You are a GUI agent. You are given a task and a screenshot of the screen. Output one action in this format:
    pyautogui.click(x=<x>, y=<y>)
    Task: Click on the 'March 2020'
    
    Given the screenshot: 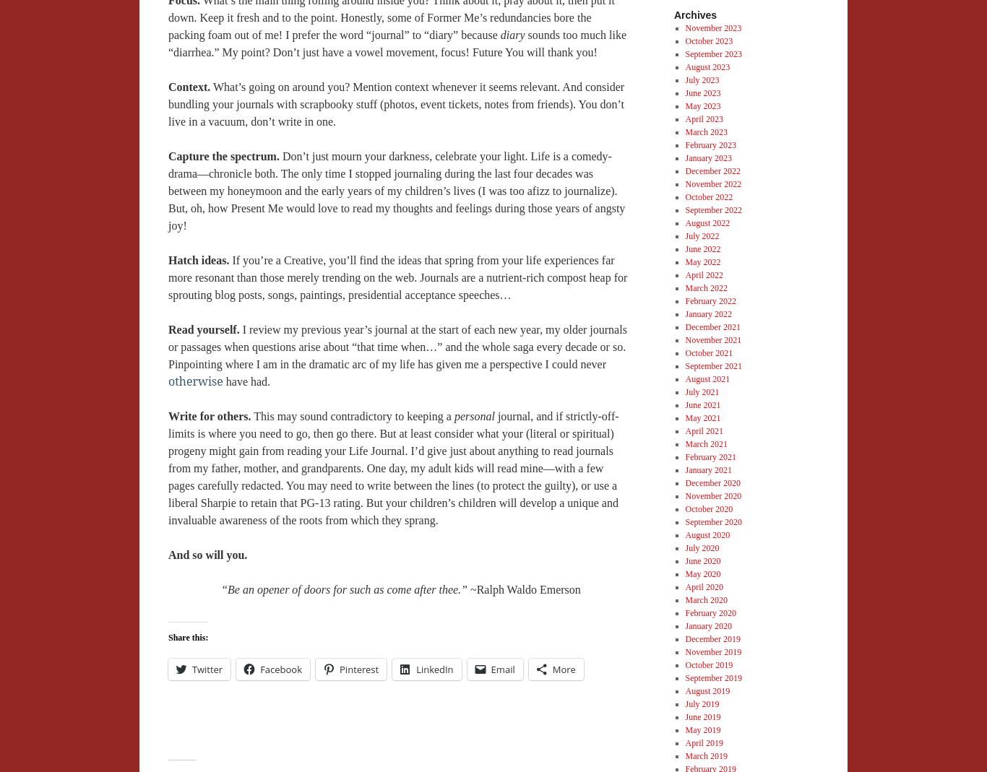 What is the action you would take?
    pyautogui.click(x=705, y=599)
    